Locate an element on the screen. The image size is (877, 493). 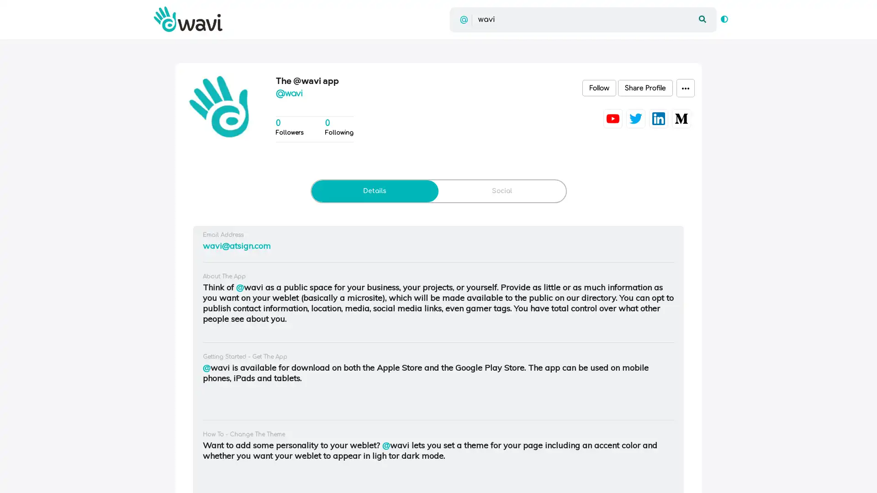
go to top of page is located at coordinates (859, 475).